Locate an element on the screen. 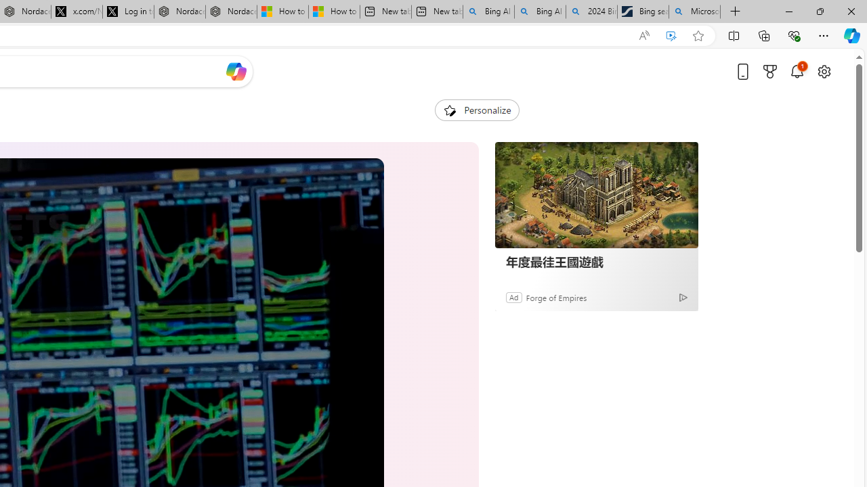  'Copilot (Ctrl+Shift+.)' is located at coordinates (851, 34).